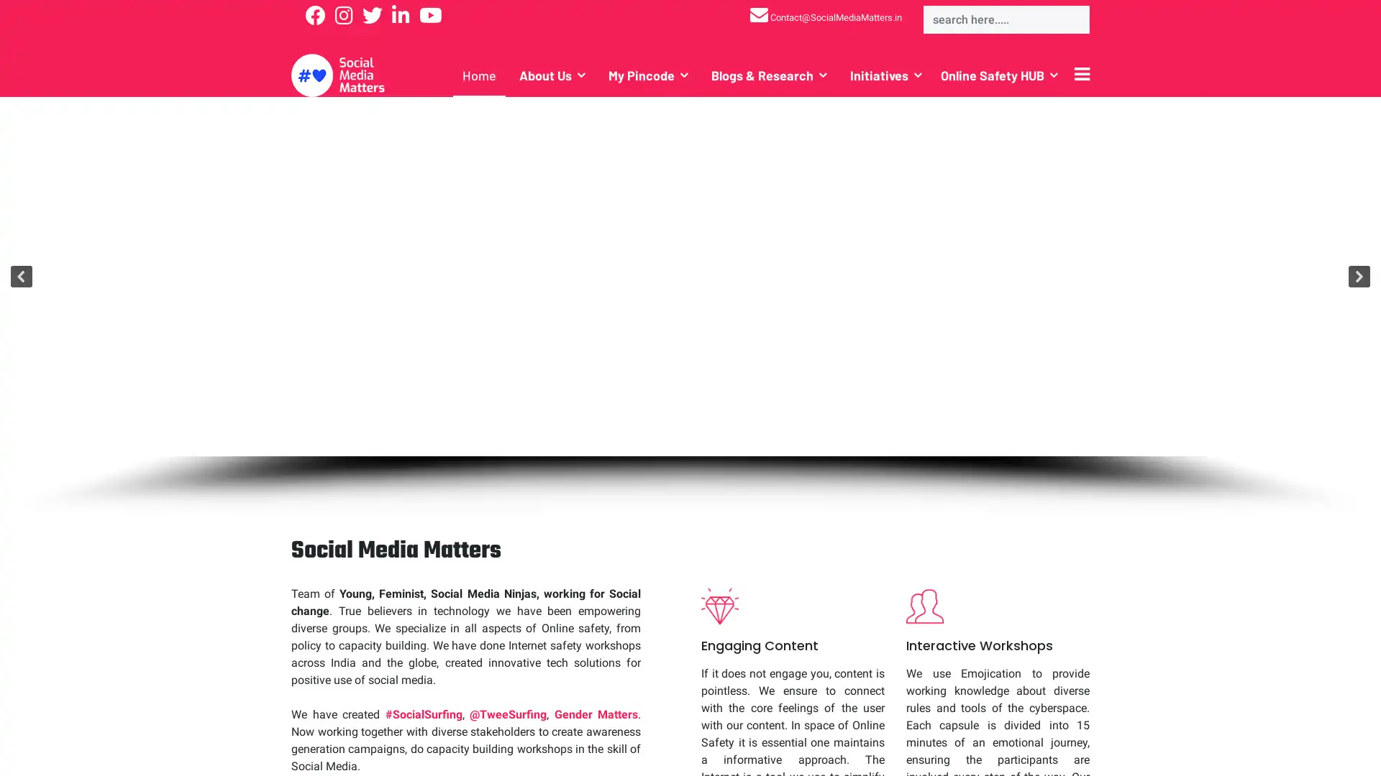  What do you see at coordinates (710, 442) in the screenshot?
I see `Online Safety Workshop in Himachal Pradesh` at bounding box center [710, 442].